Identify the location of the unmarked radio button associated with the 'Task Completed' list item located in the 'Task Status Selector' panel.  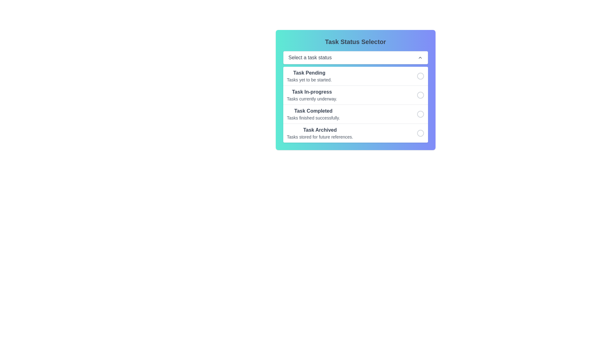
(355, 114).